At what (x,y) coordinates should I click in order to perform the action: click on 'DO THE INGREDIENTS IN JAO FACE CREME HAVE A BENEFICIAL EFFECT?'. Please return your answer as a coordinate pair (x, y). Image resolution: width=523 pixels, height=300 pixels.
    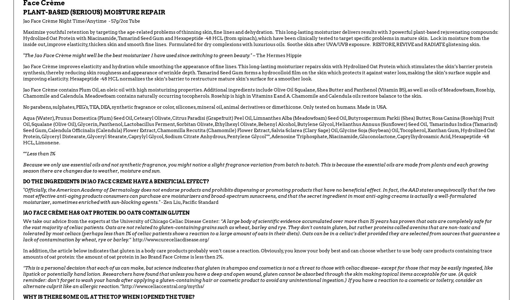
    Looking at the image, I should click on (116, 181).